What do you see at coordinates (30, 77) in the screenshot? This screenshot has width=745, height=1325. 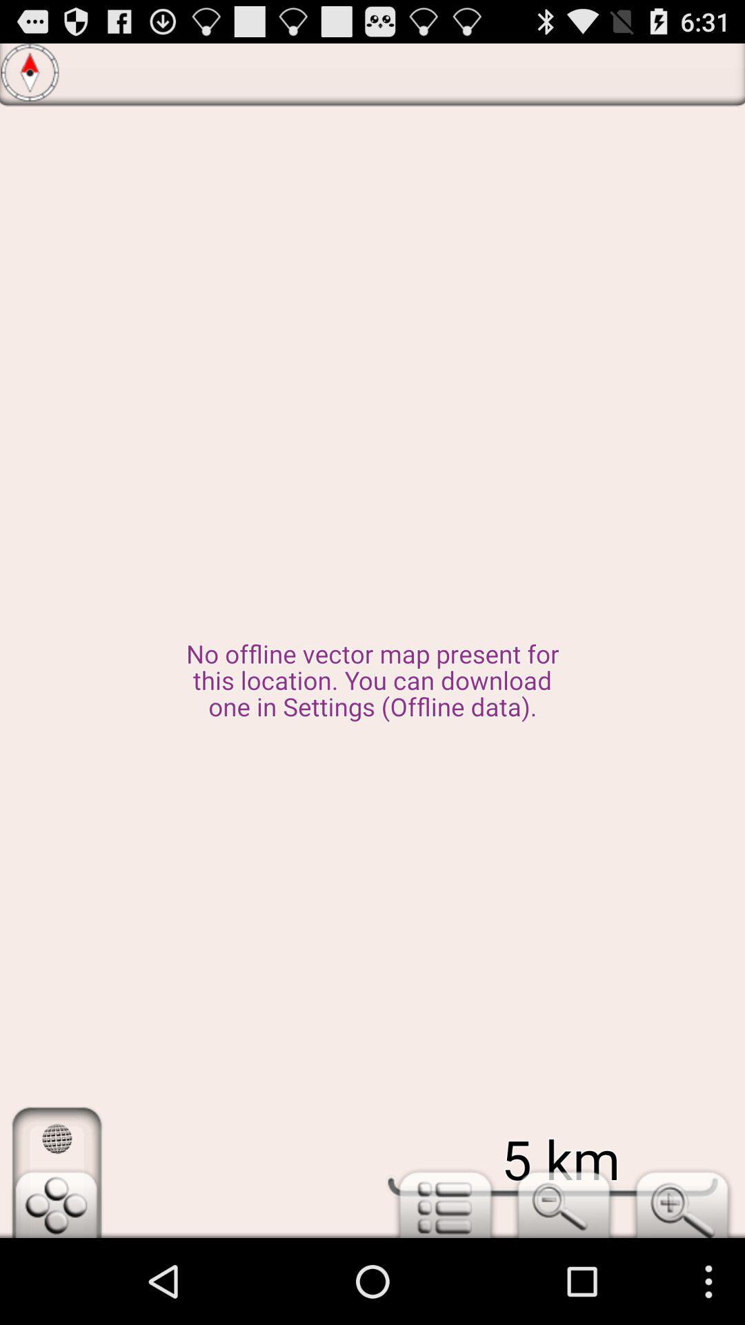 I see `the explore icon` at bounding box center [30, 77].